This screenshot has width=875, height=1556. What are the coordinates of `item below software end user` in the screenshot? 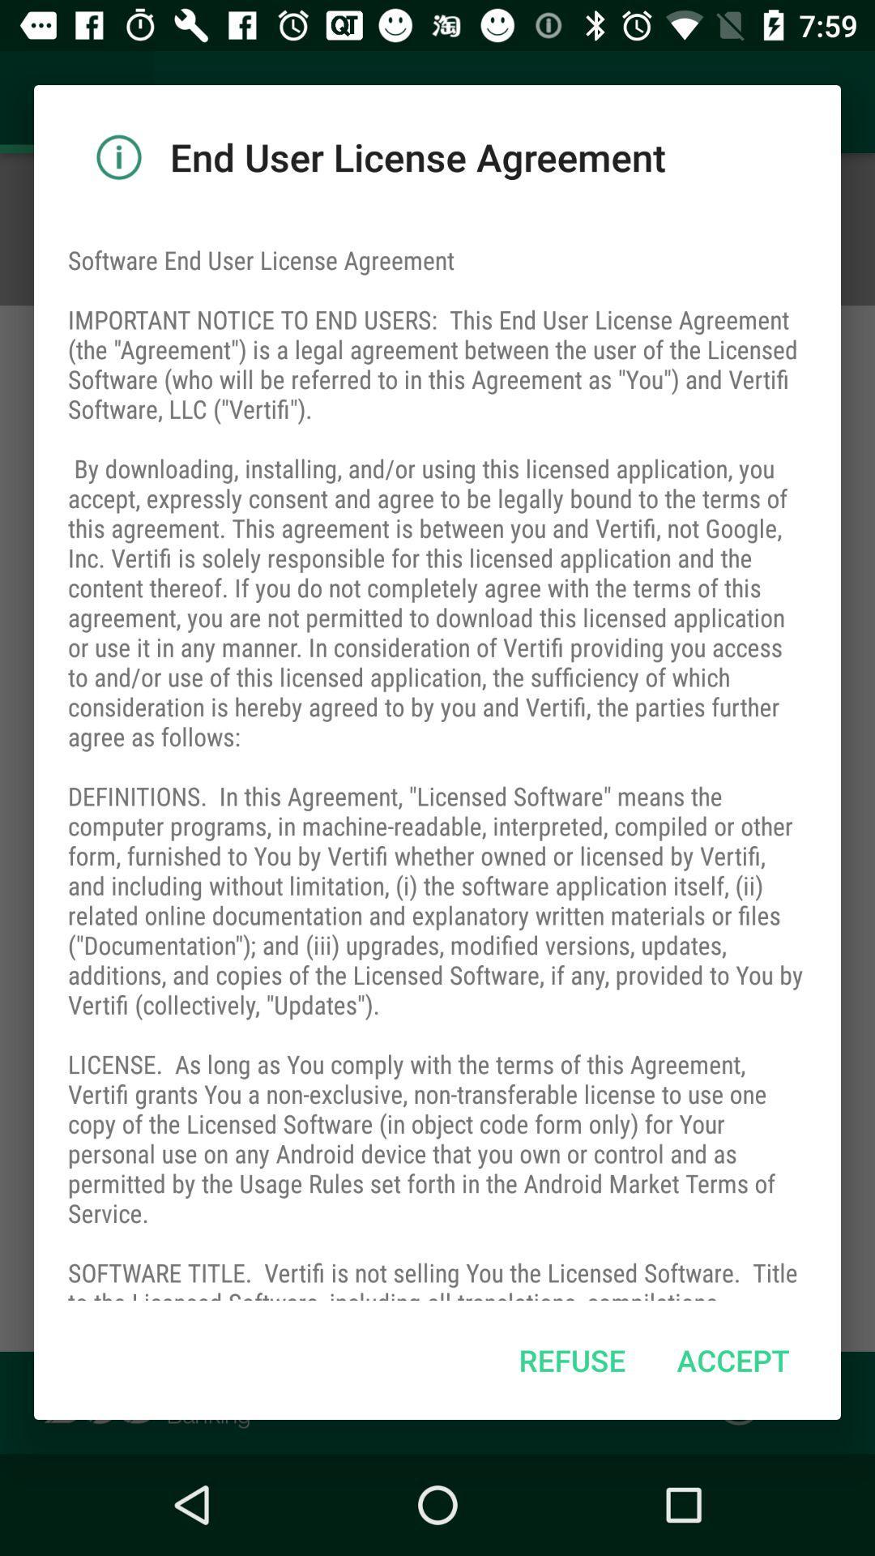 It's located at (571, 1360).